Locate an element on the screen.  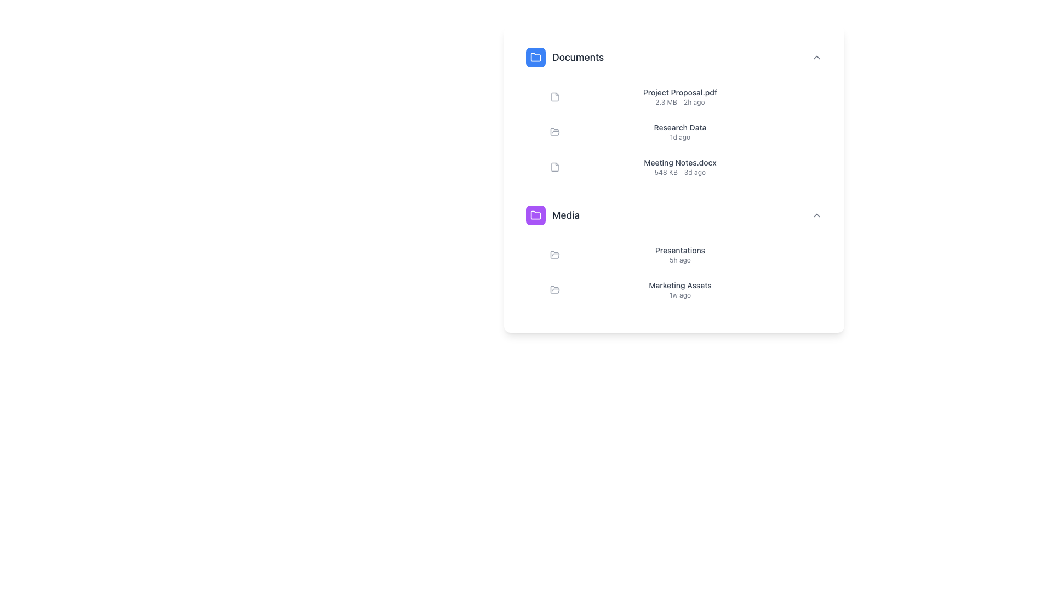
the 'Presentations' text label, which displays a bold title and a timestamp is located at coordinates (679, 255).